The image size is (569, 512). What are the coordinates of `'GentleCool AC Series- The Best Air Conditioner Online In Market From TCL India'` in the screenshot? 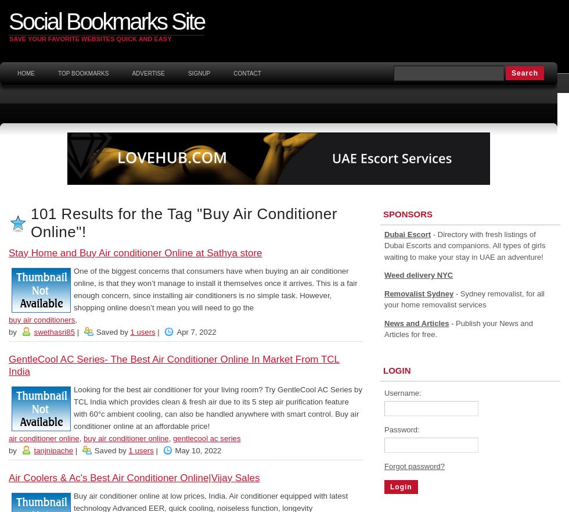 It's located at (174, 365).